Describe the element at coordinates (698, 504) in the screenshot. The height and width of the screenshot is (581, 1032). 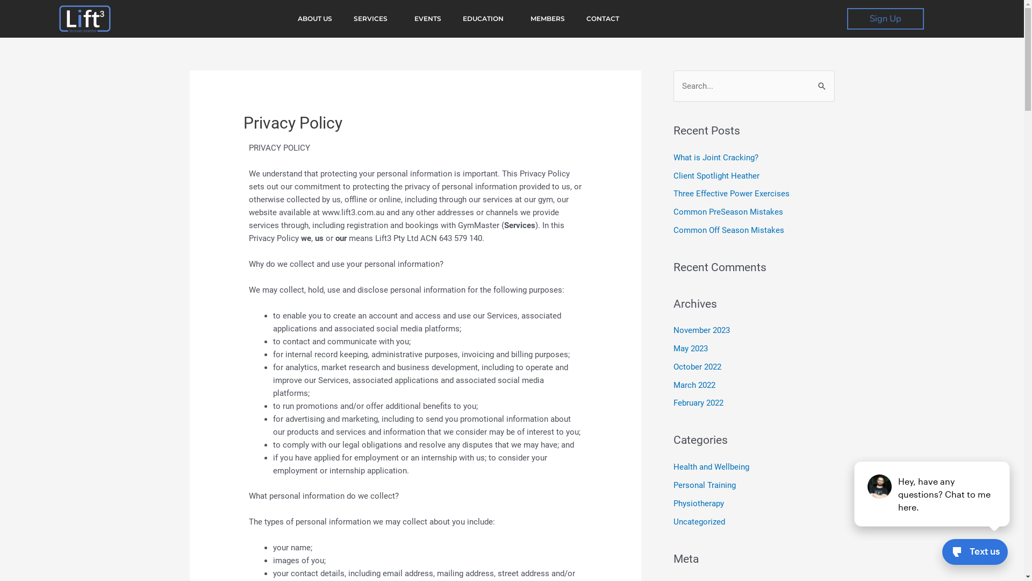
I see `'Physiotherapy'` at that location.